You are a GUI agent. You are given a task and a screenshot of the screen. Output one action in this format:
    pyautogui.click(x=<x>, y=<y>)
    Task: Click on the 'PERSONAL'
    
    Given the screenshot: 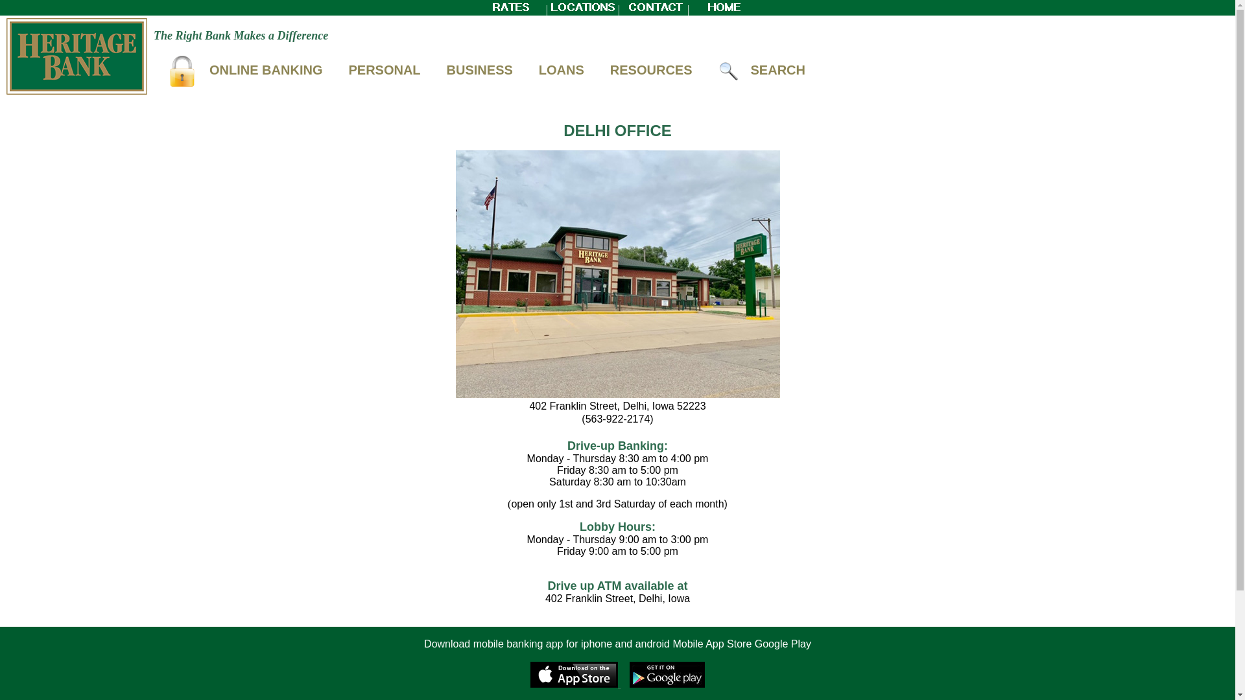 What is the action you would take?
    pyautogui.click(x=383, y=70)
    